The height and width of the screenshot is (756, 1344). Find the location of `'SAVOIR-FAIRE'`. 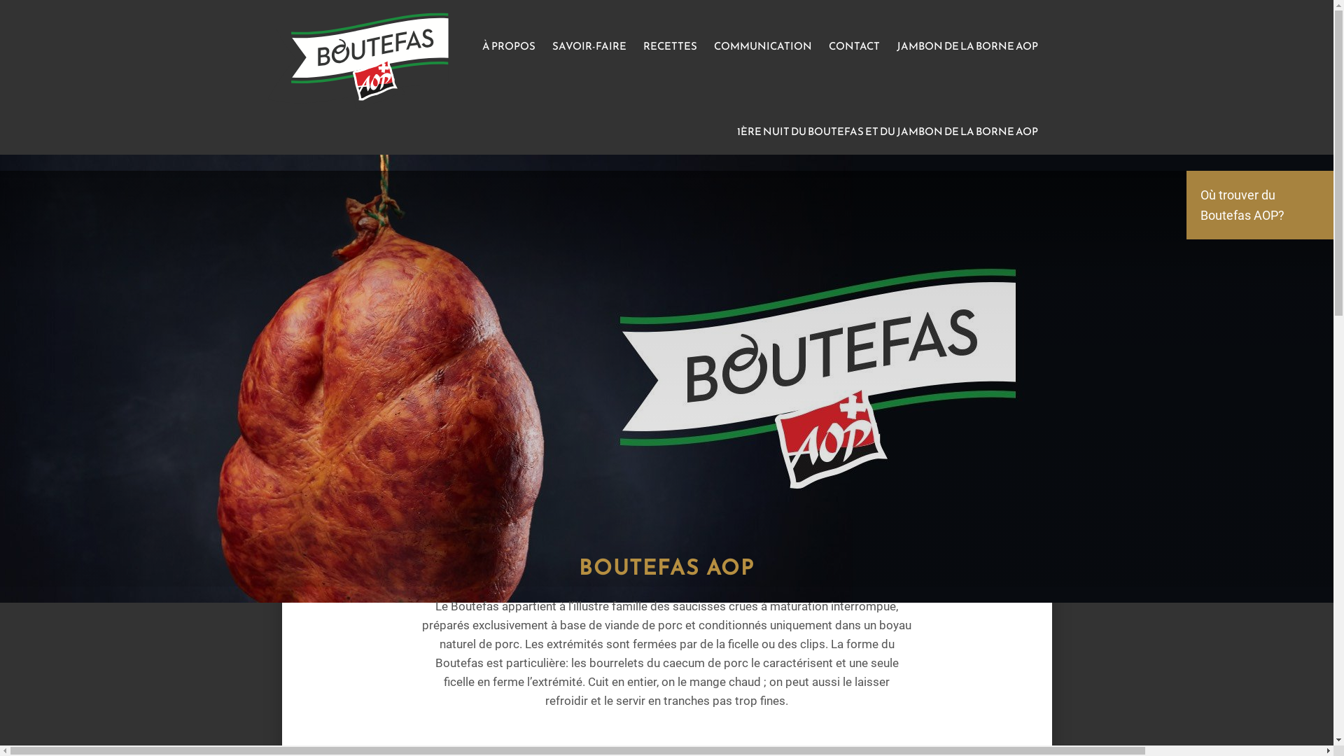

'SAVOIR-FAIRE' is located at coordinates (543, 45).